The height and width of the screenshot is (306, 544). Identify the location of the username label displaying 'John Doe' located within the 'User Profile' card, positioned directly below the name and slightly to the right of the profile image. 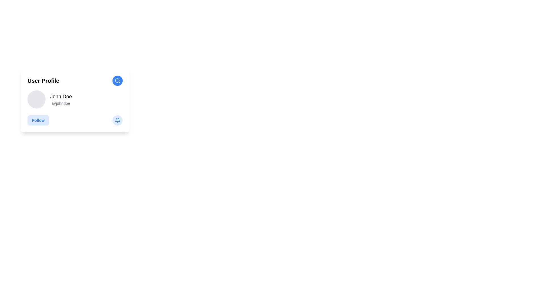
(61, 103).